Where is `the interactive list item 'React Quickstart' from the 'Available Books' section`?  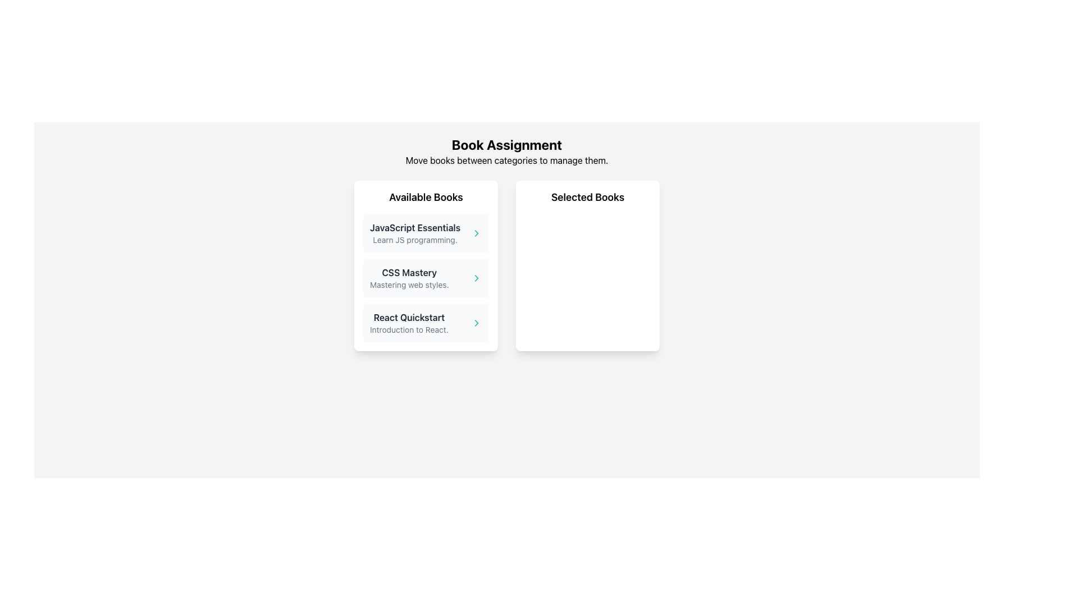
the interactive list item 'React Quickstart' from the 'Available Books' section is located at coordinates (425, 323).